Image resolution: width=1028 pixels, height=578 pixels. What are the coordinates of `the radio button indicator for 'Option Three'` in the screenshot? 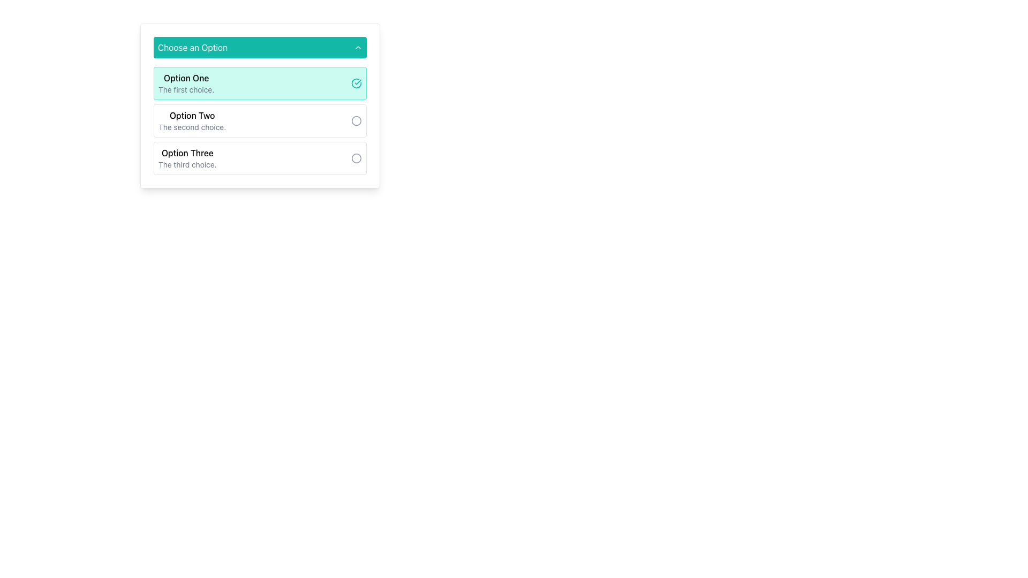 It's located at (357, 158).